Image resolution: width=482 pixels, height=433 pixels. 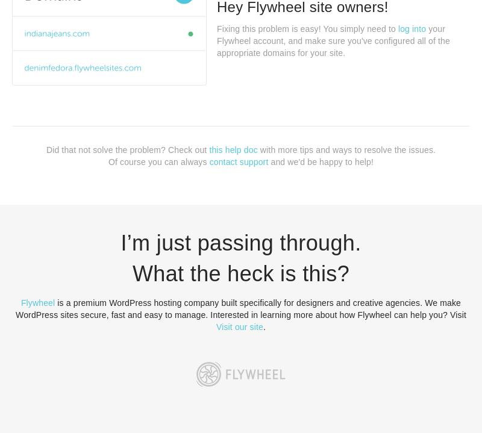 I want to click on 'Fixing this problem is easy! You simply need to', so click(x=217, y=28).